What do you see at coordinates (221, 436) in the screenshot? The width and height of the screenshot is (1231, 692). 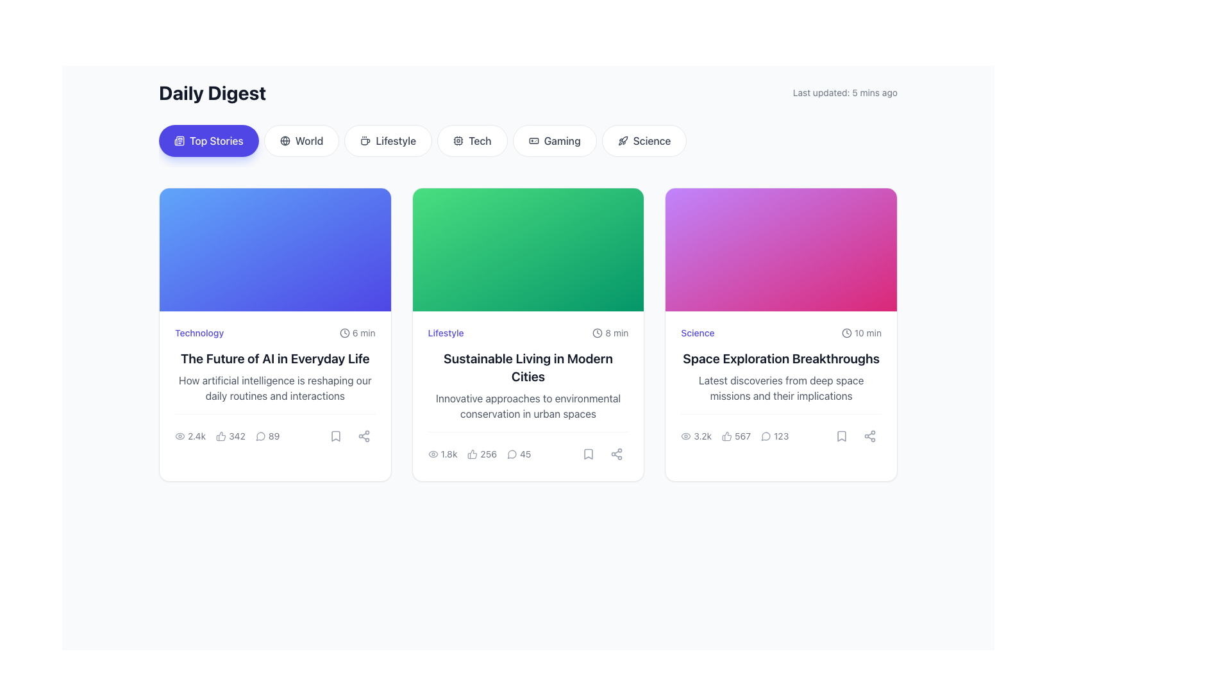 I see `the 'like' icon located to the left of the text '342', which represents the upvote action for the associated content` at bounding box center [221, 436].